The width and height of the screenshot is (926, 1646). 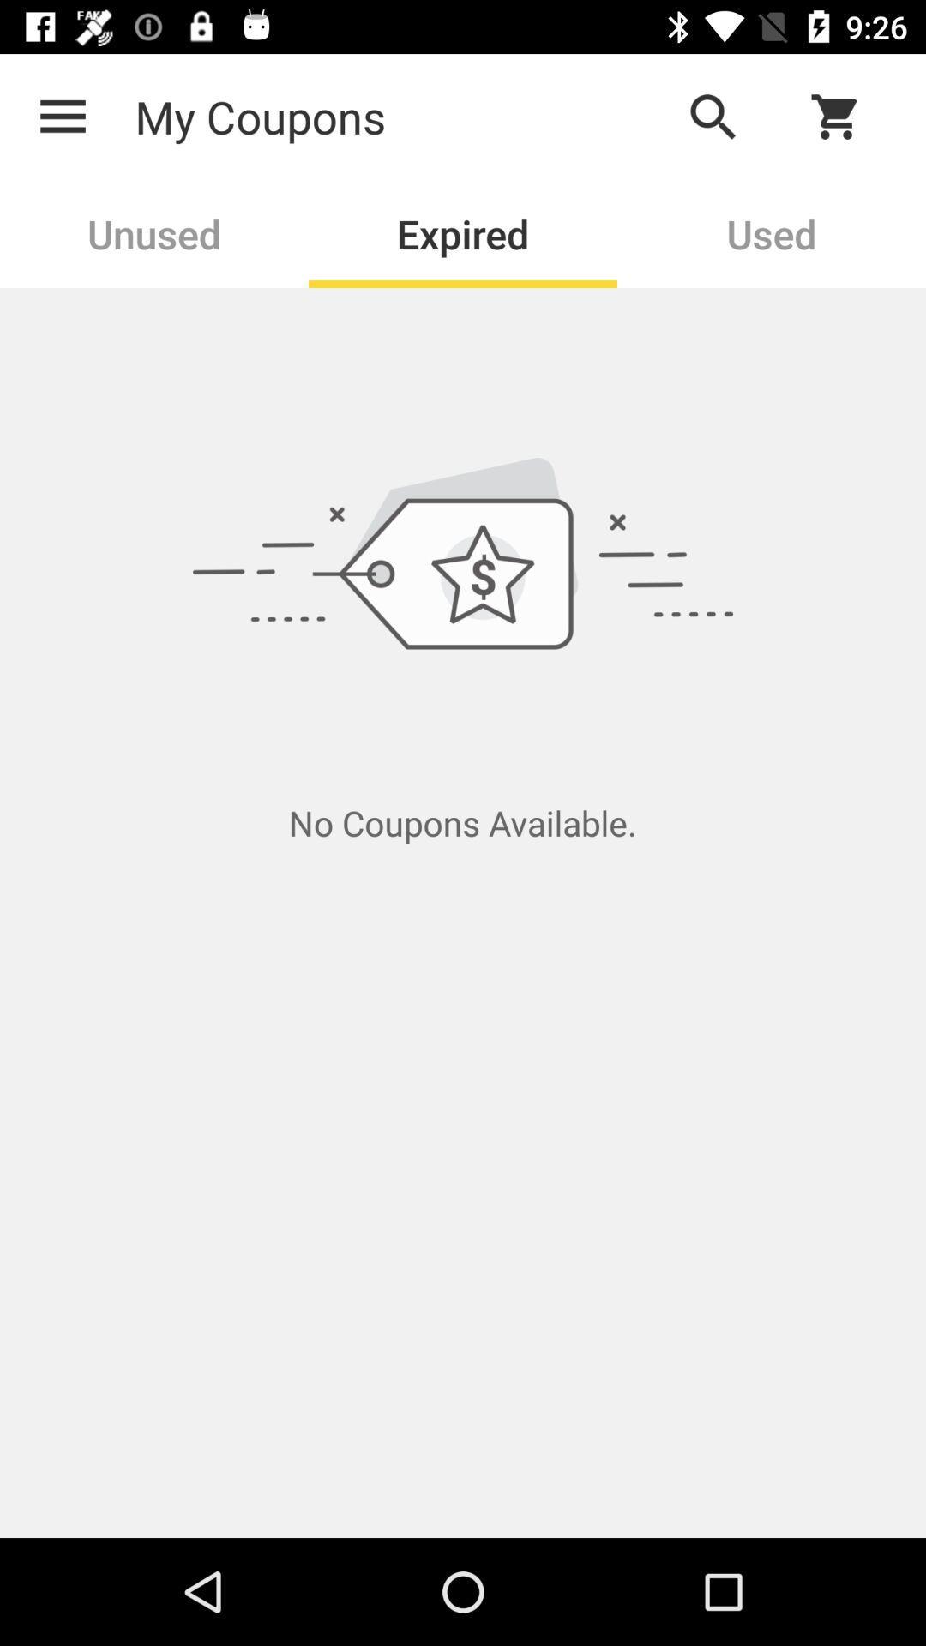 I want to click on check cart, so click(x=845, y=116).